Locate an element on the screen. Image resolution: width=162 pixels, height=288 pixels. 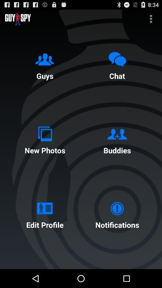
the notifications item is located at coordinates (117, 214).